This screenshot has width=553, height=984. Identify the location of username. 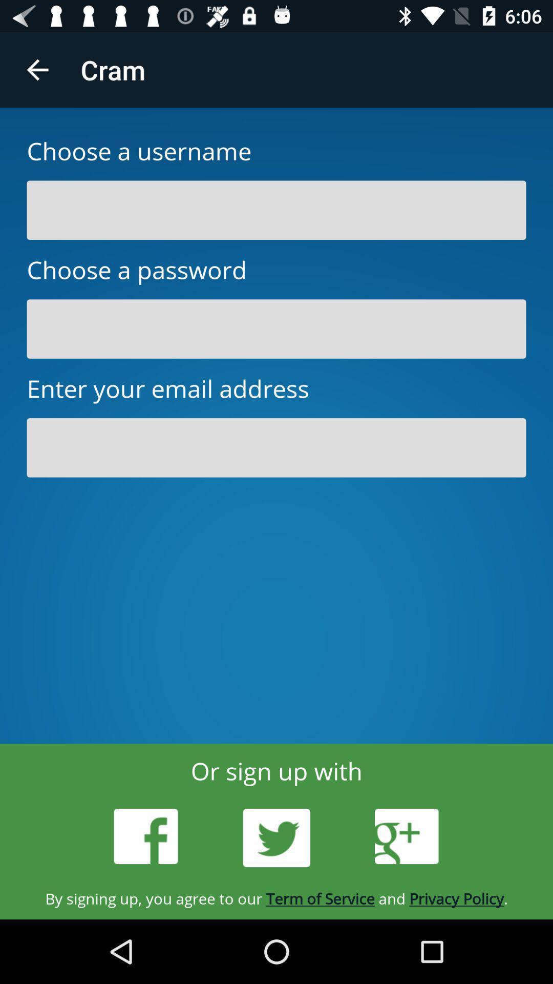
(276, 210).